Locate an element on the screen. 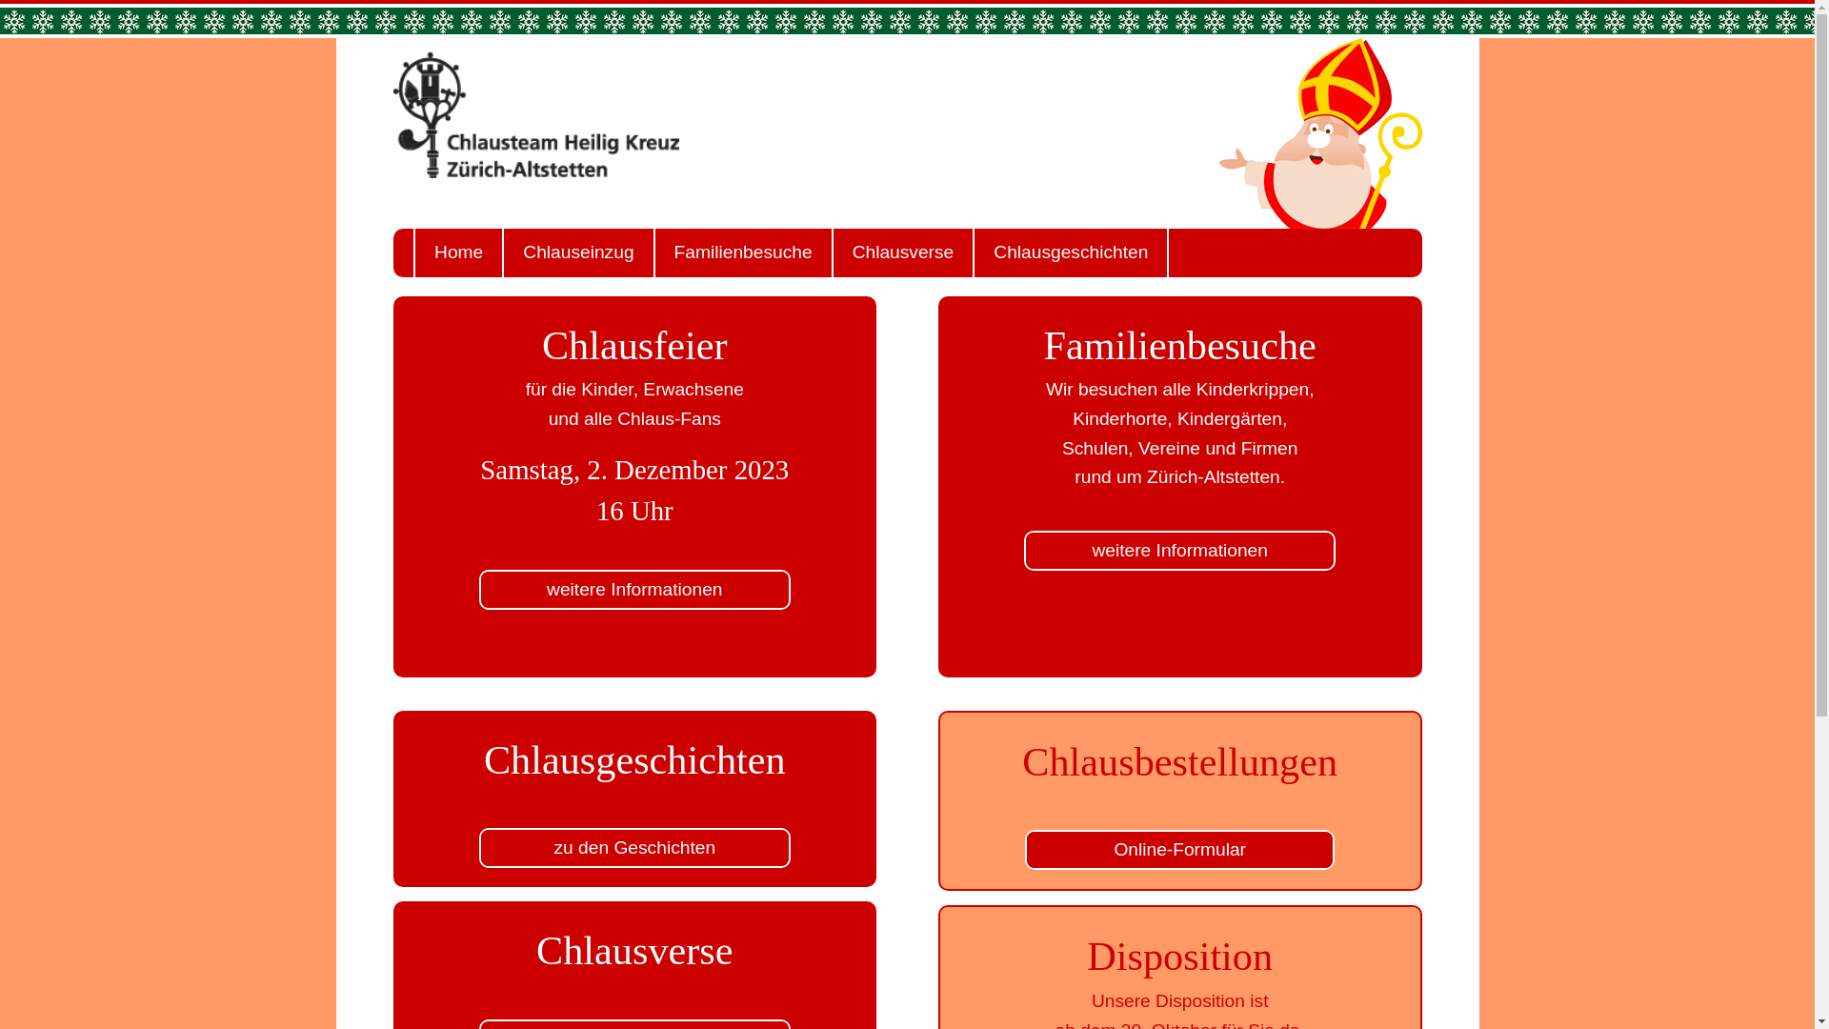  'Familienbesuche' is located at coordinates (741, 252).